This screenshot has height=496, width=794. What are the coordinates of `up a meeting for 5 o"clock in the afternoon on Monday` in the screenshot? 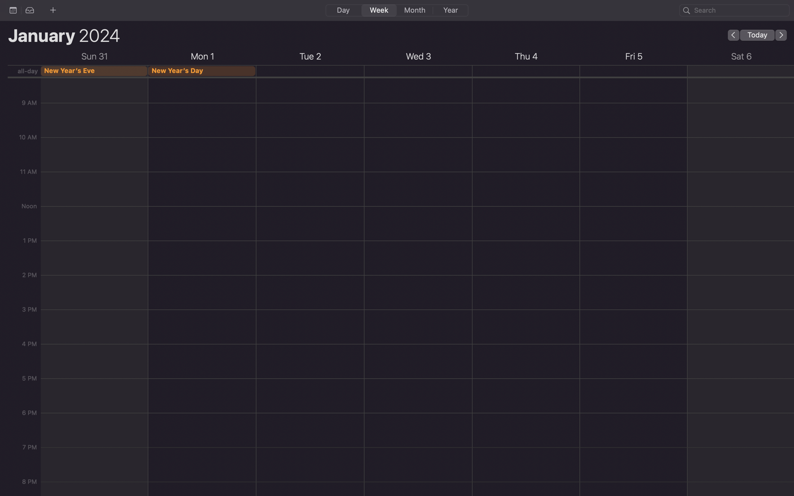 It's located at (202, 319).